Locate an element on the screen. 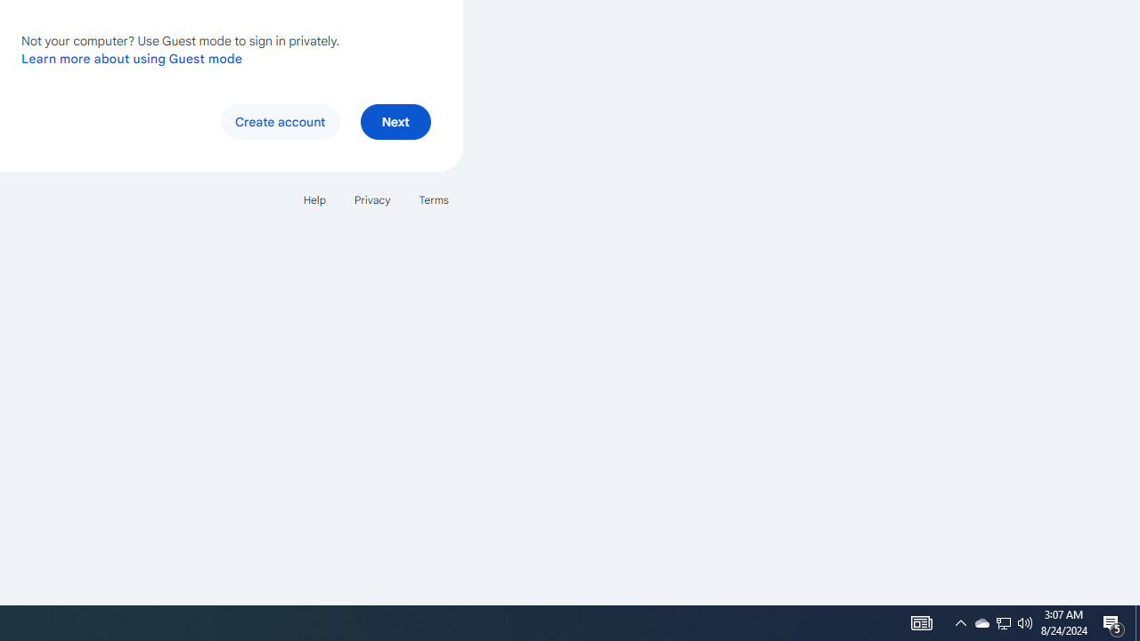 Image resolution: width=1140 pixels, height=641 pixels. 'Help' is located at coordinates (313, 199).